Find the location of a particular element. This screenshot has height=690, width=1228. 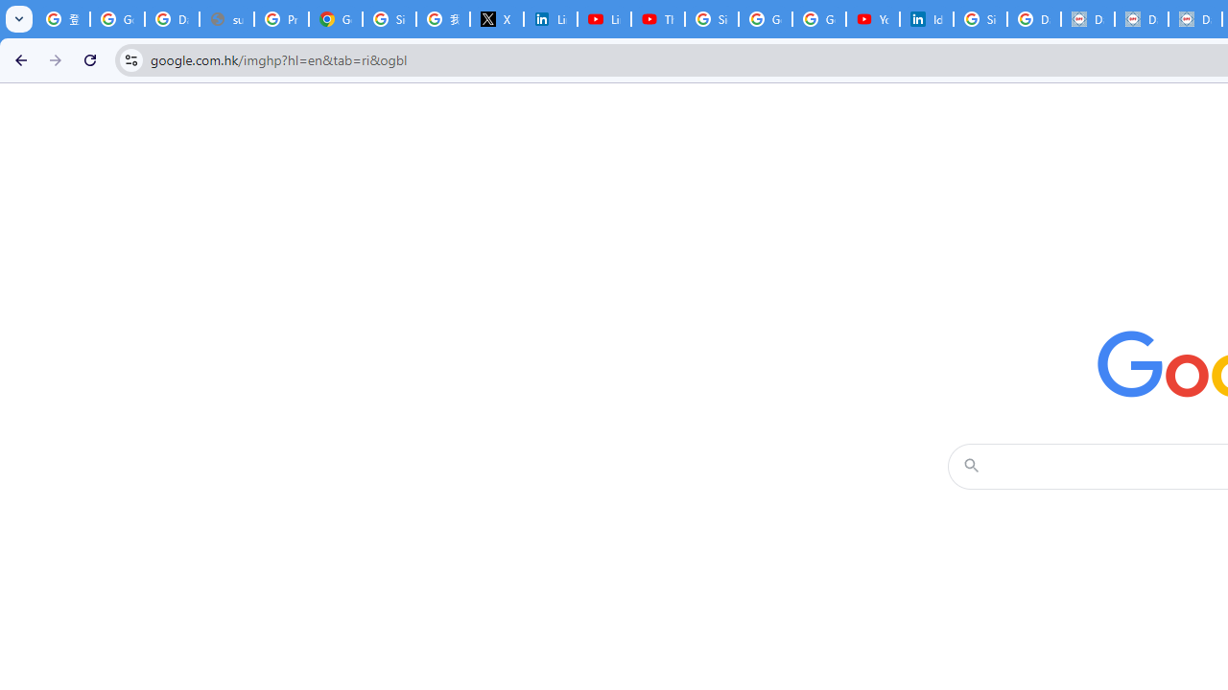

'Data Privacy Framework' is located at coordinates (1088, 19).